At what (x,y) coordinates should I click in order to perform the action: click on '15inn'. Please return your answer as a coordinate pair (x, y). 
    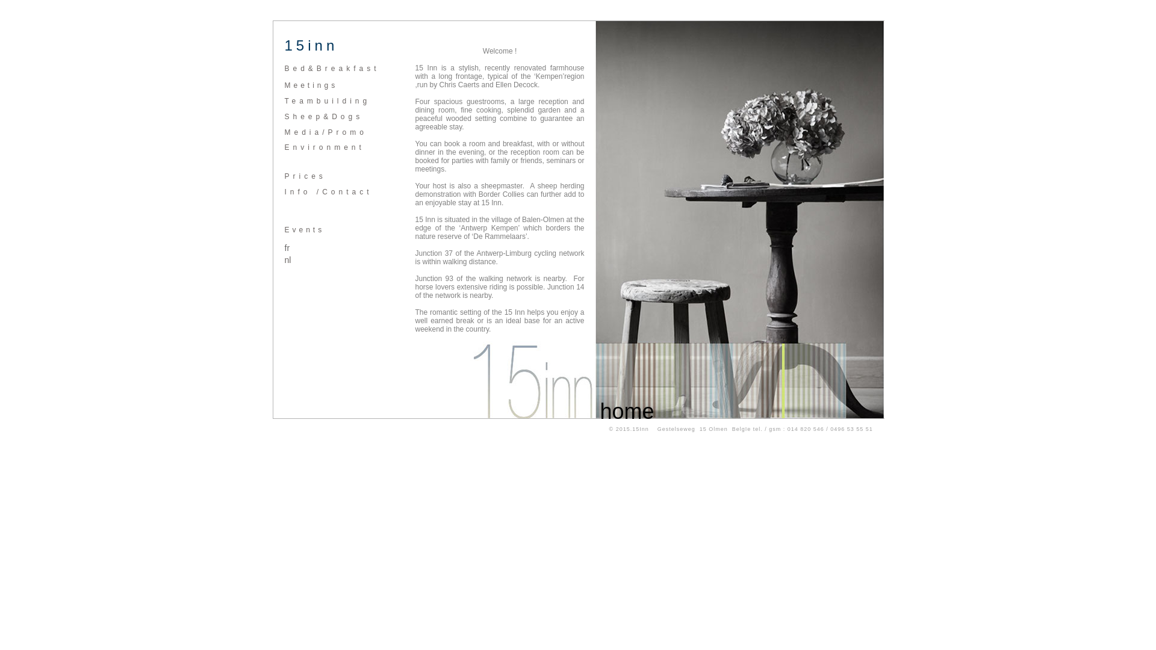
    Looking at the image, I should click on (283, 46).